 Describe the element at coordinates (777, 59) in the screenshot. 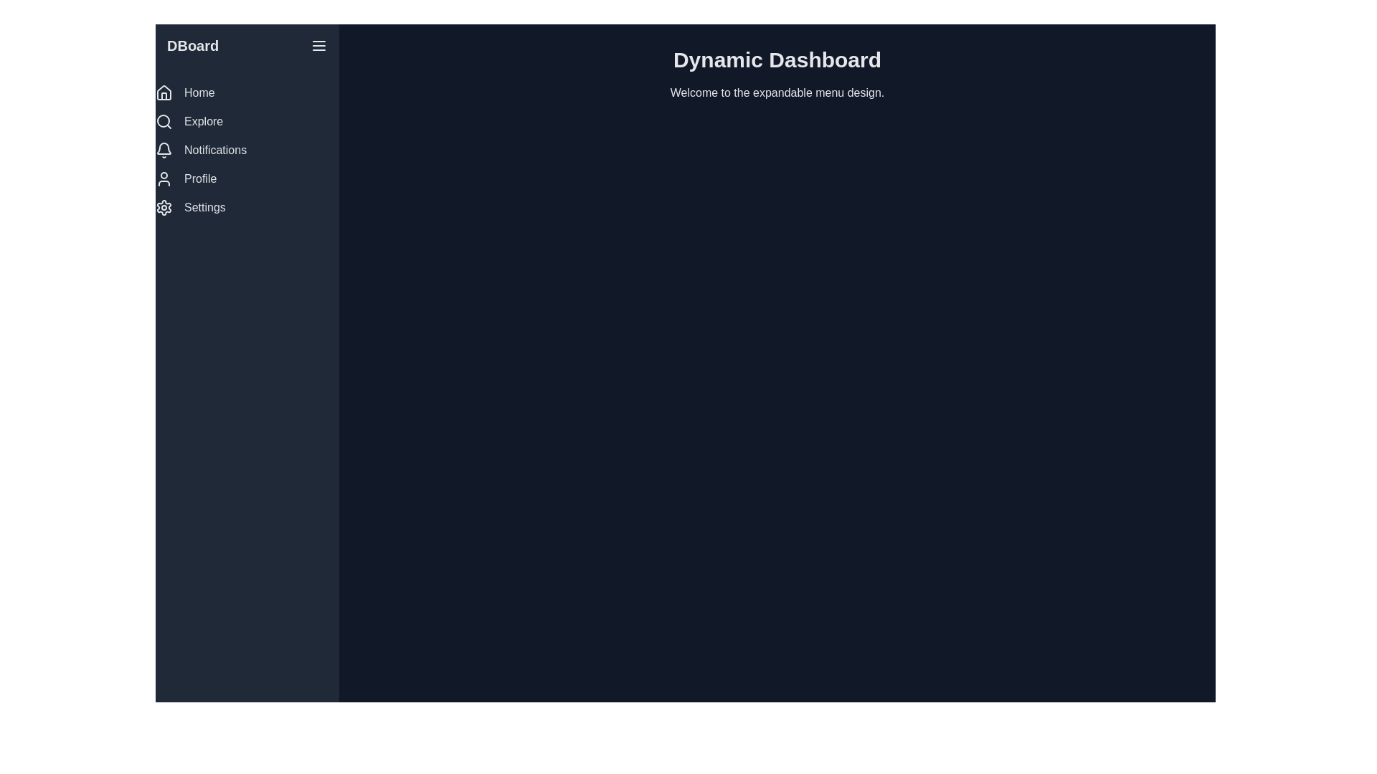

I see `the 'Dynamic Dashboard' text header, which is a large, bold header positioned at the top of the content area against a dark background` at that location.